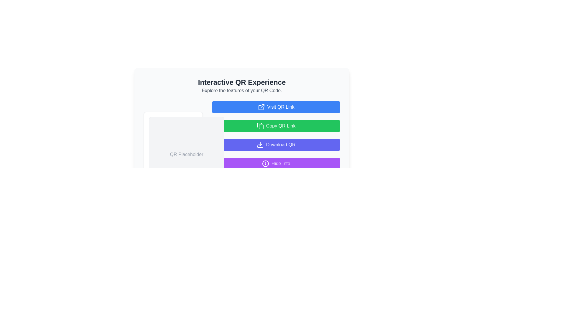 The height and width of the screenshot is (318, 566). Describe the element at coordinates (186, 154) in the screenshot. I see `the text element labeled 'QR Placeholder', which is styled in gray and centered within a square area beneath the header 'Interactive QR Experience'` at that location.